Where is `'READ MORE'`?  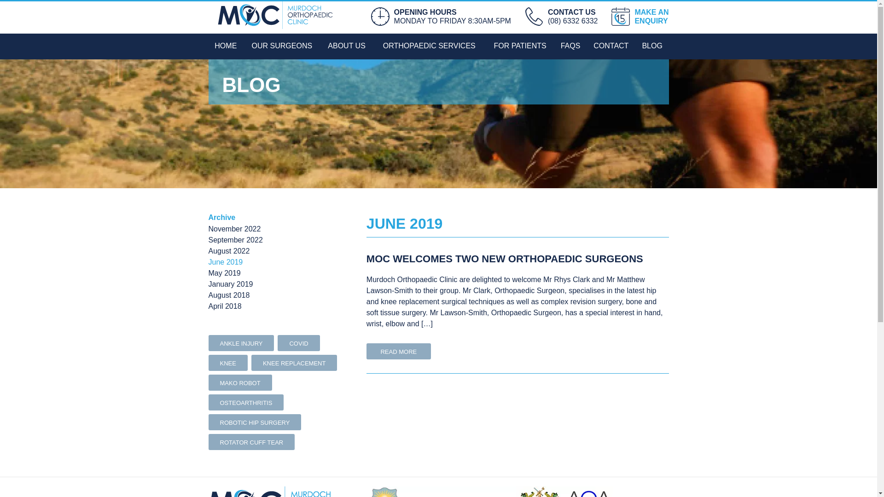 'READ MORE' is located at coordinates (398, 351).